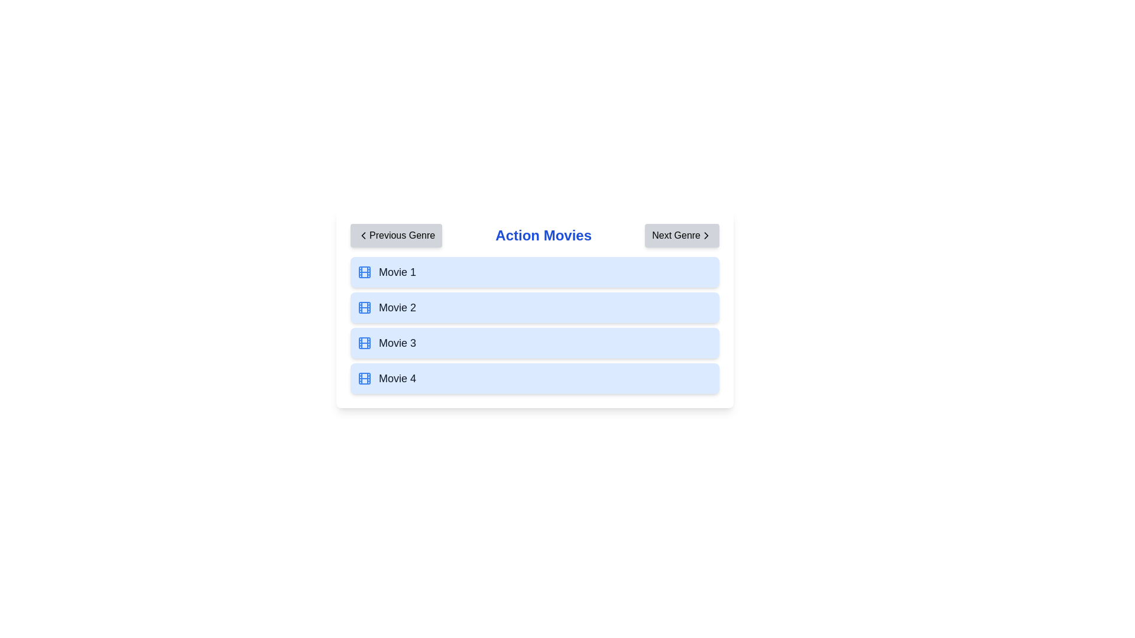 This screenshot has width=1135, height=638. What do you see at coordinates (364, 307) in the screenshot?
I see `the SVG Shape with Rounded Rectangle that forms part of the film reel icon, located in the second row under the 'Action Movies' section, next to the label 'Movie 2'` at bounding box center [364, 307].